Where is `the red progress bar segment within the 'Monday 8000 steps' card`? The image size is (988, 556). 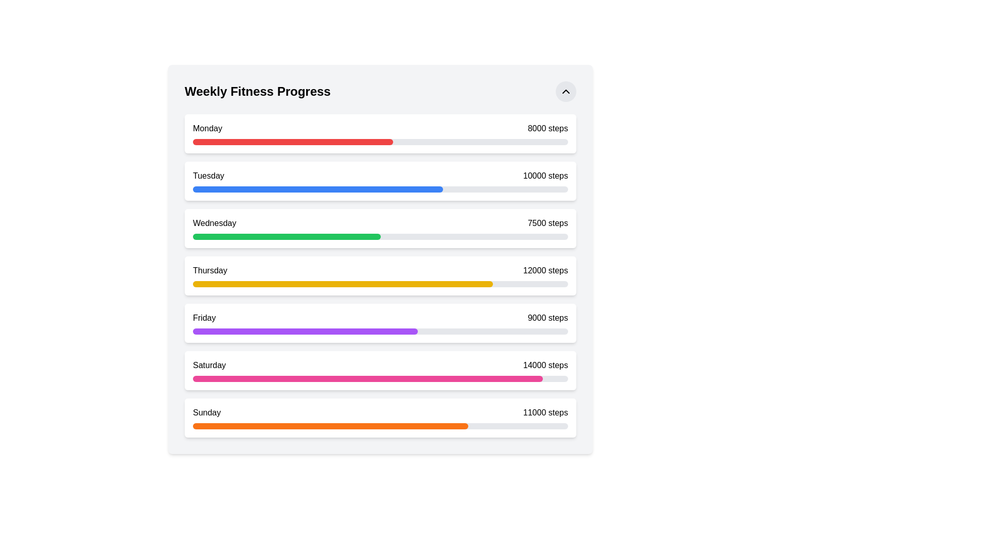
the red progress bar segment within the 'Monday 8000 steps' card is located at coordinates (380, 140).